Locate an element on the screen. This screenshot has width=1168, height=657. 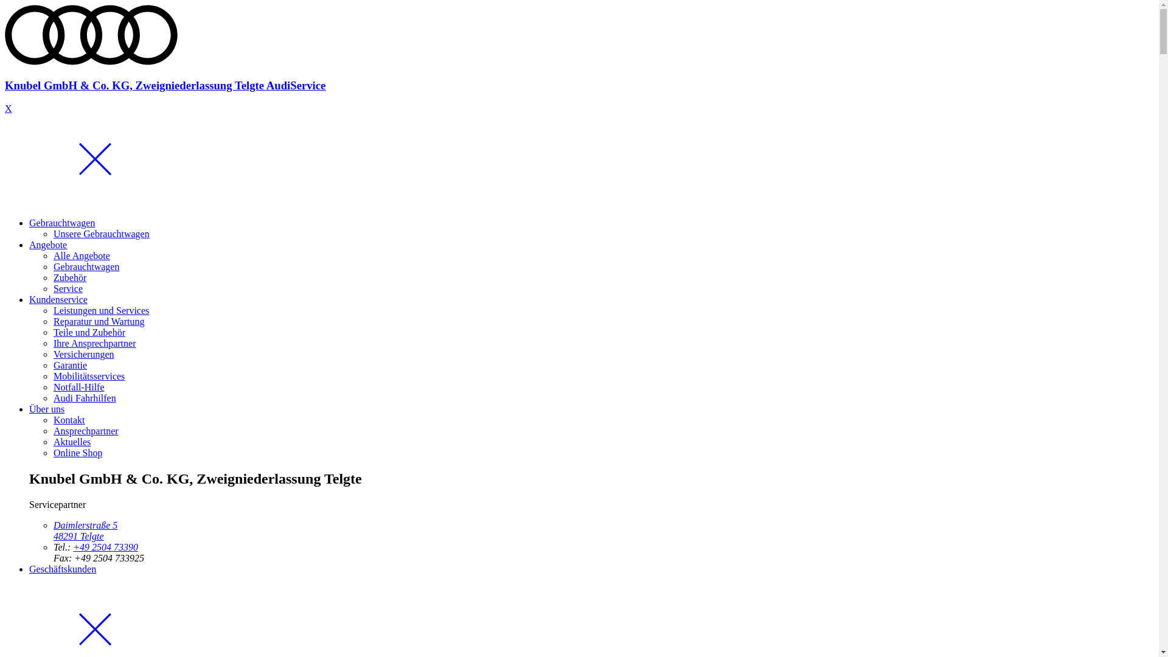
'Leistungen und Services' is located at coordinates (101, 310).